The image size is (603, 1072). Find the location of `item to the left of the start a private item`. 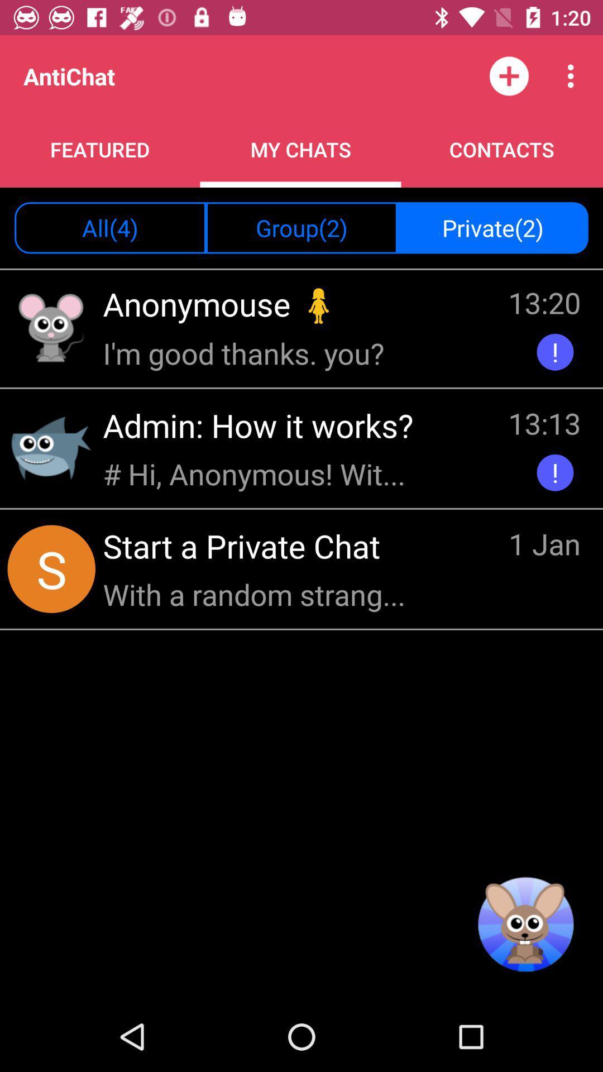

item to the left of the start a private item is located at coordinates (51, 569).